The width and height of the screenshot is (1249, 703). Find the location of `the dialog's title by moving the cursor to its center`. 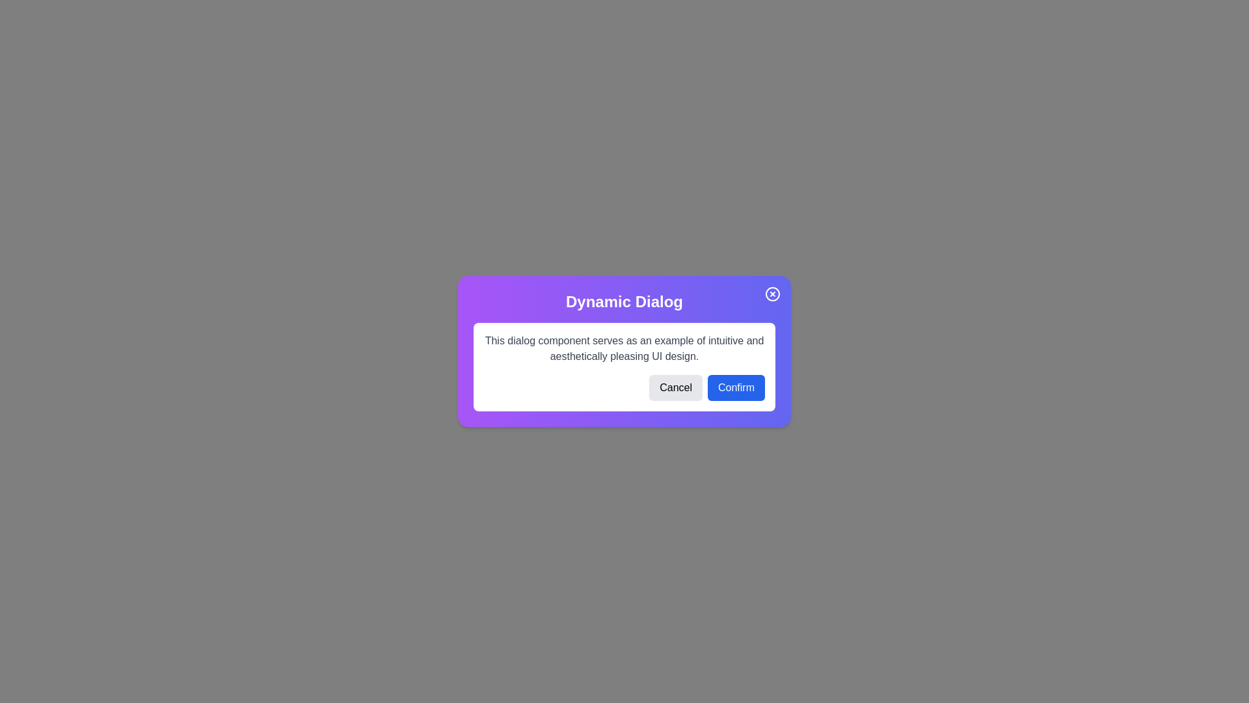

the dialog's title by moving the cursor to its center is located at coordinates (624, 301).